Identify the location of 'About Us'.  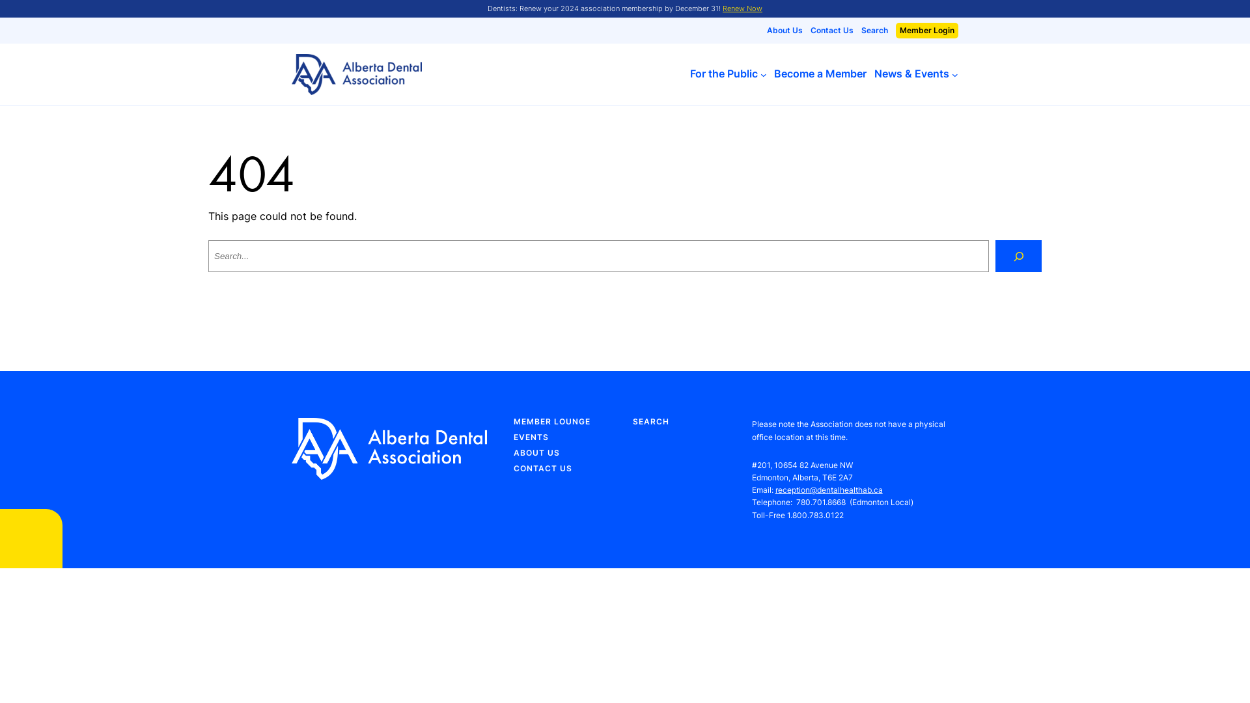
(784, 29).